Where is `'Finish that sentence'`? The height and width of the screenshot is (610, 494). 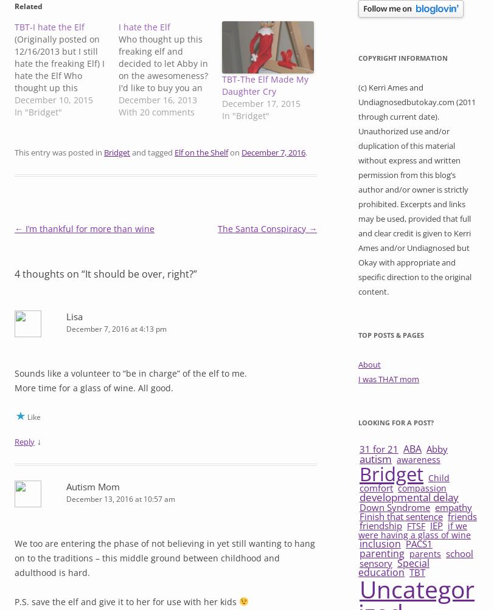
'Finish that sentence' is located at coordinates (401, 516).